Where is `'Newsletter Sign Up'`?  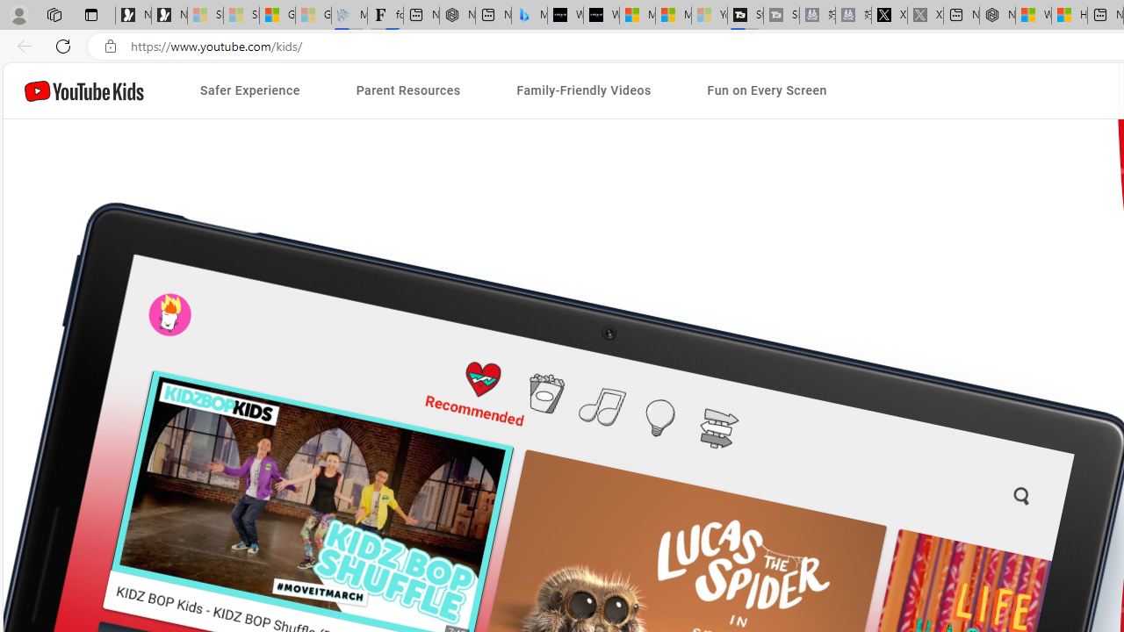
'Newsletter Sign Up' is located at coordinates (169, 15).